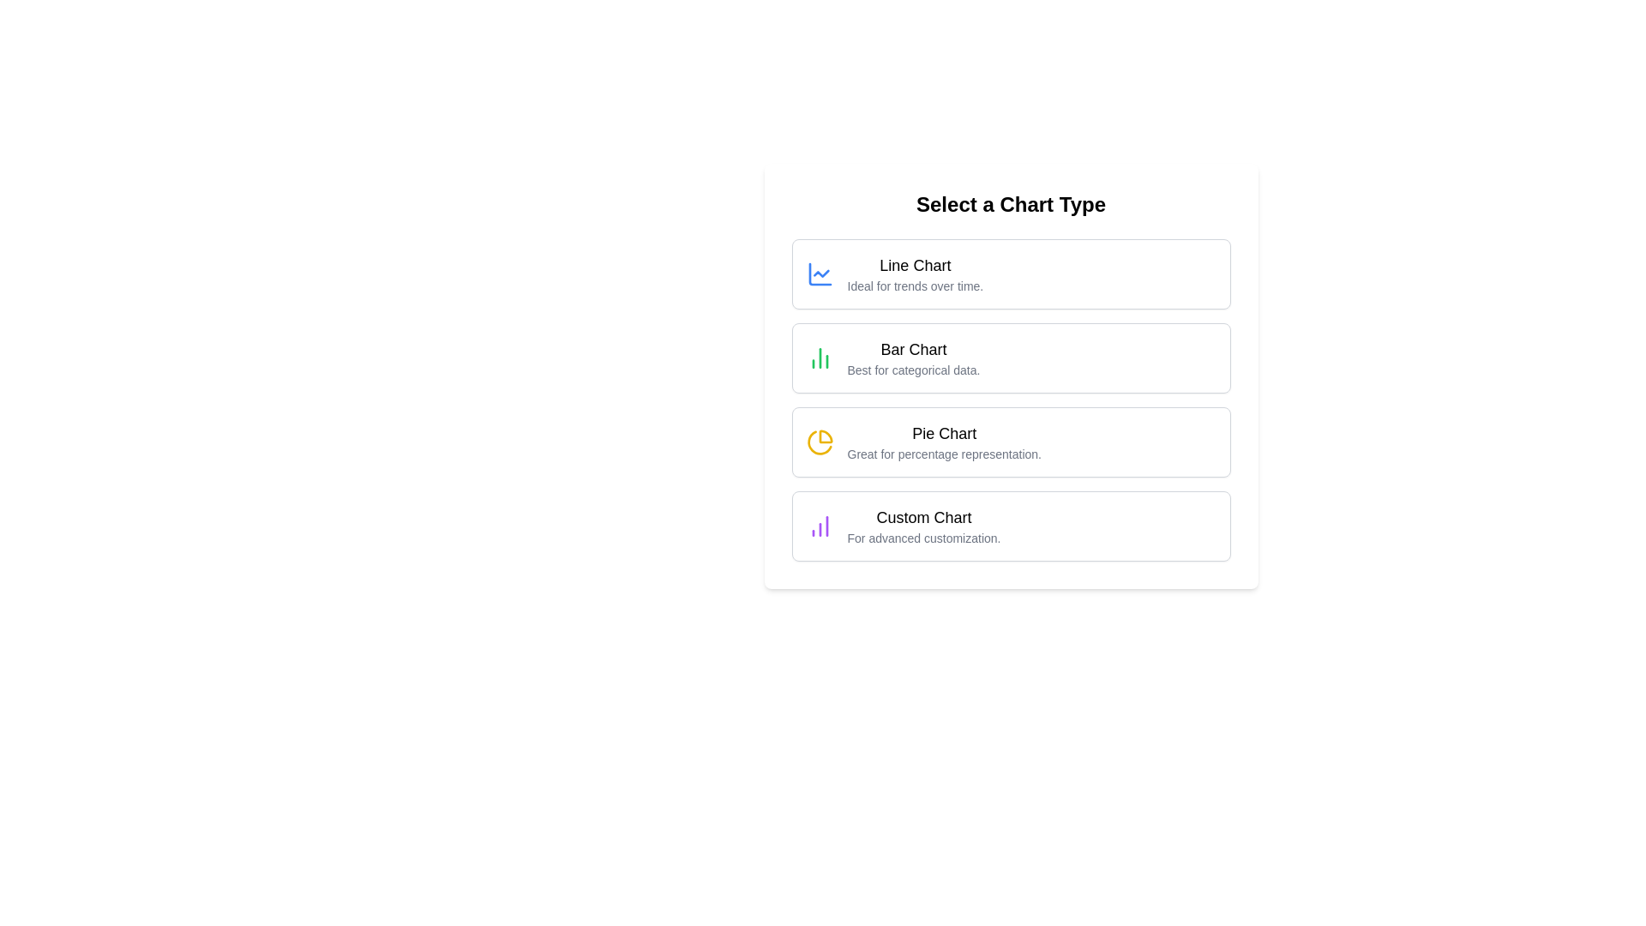 The image size is (1646, 926). I want to click on the 'Bar Chart' option card, which is the second item in the list of charts, so click(1011, 376).